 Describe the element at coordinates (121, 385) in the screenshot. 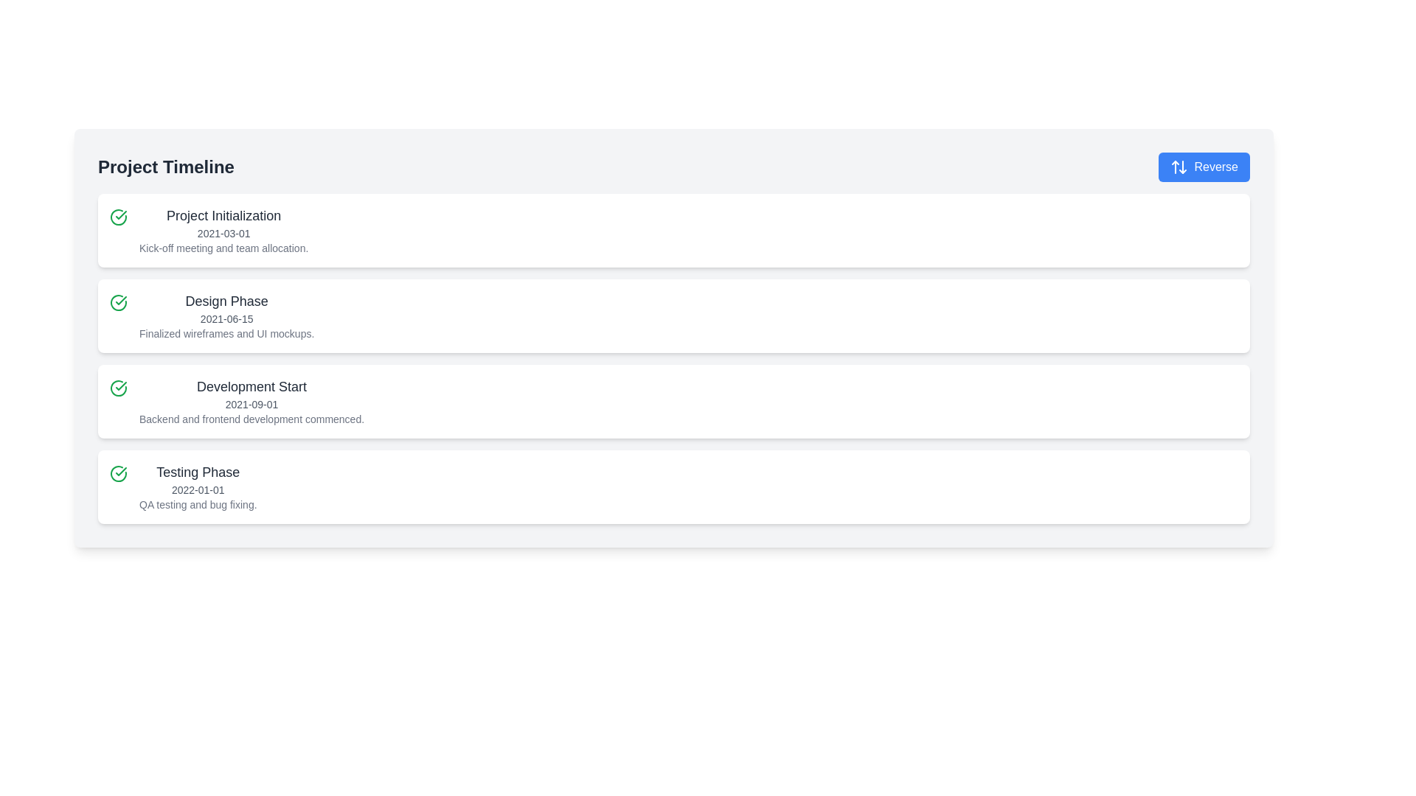

I see `the graphical checkmark icon with a green stroke located within the green-bordered circular icon to the left of the 'Development Start' section in the project timeline` at that location.